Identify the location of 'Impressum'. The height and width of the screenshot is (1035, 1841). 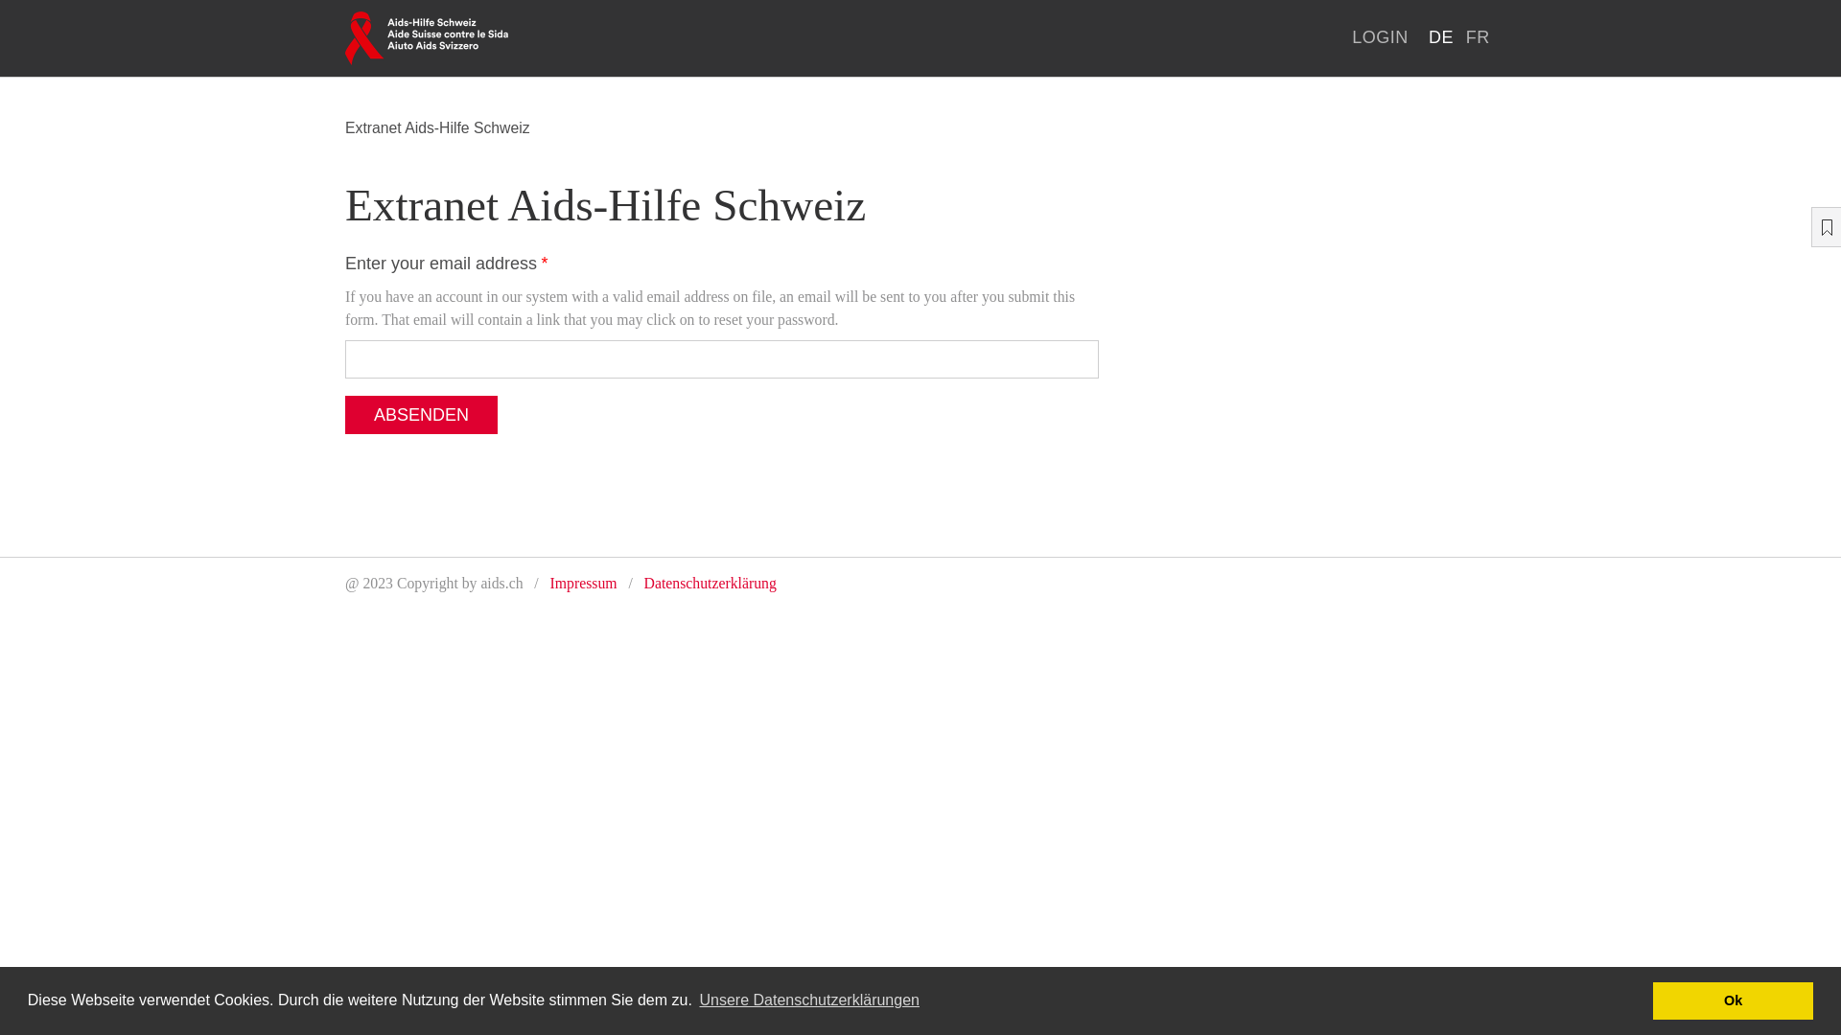
(583, 582).